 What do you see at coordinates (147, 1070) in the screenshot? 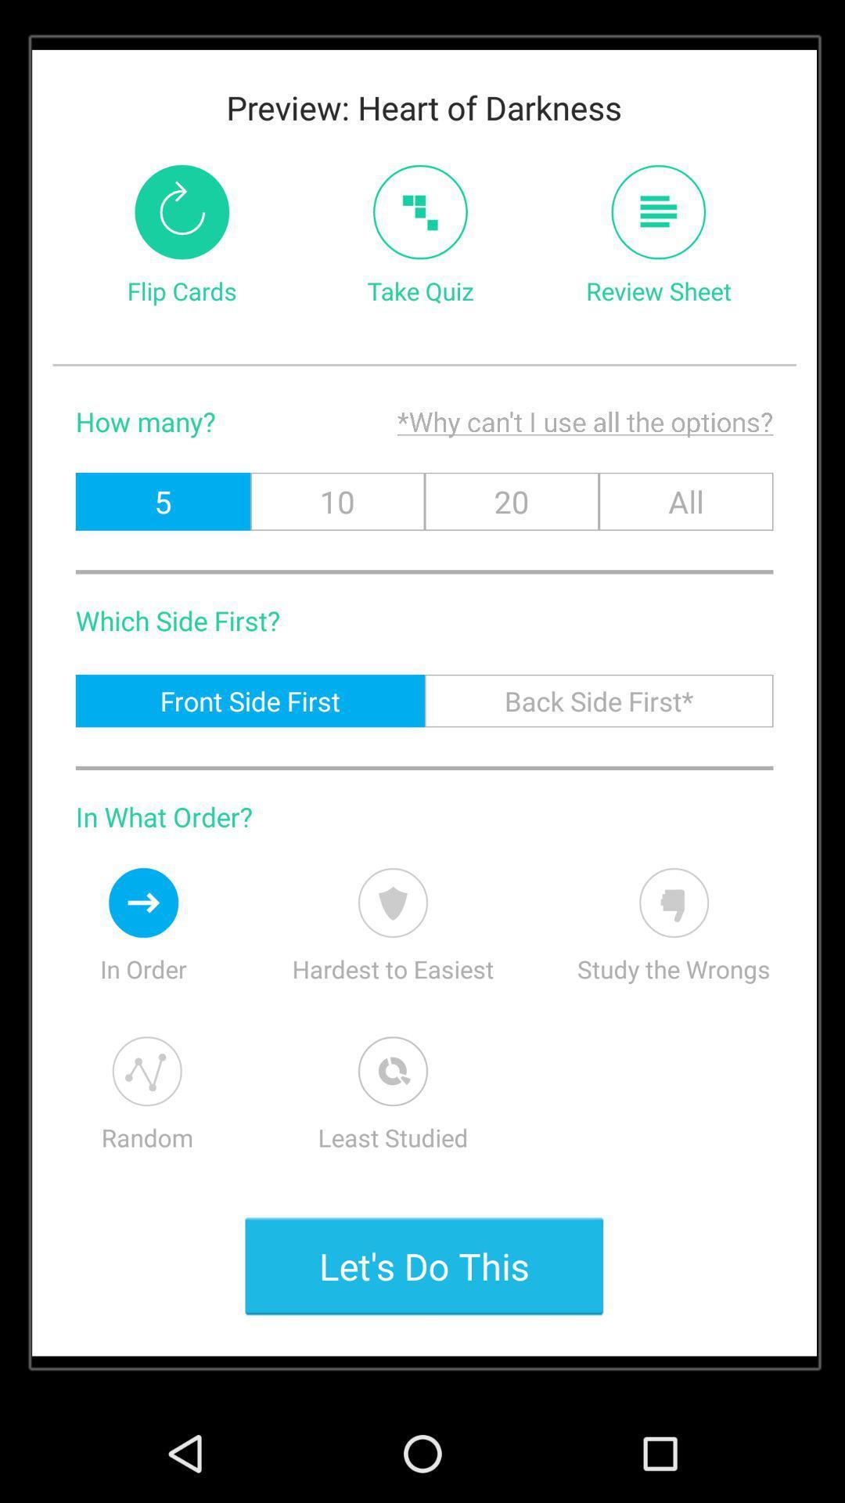
I see `switch to random` at bounding box center [147, 1070].